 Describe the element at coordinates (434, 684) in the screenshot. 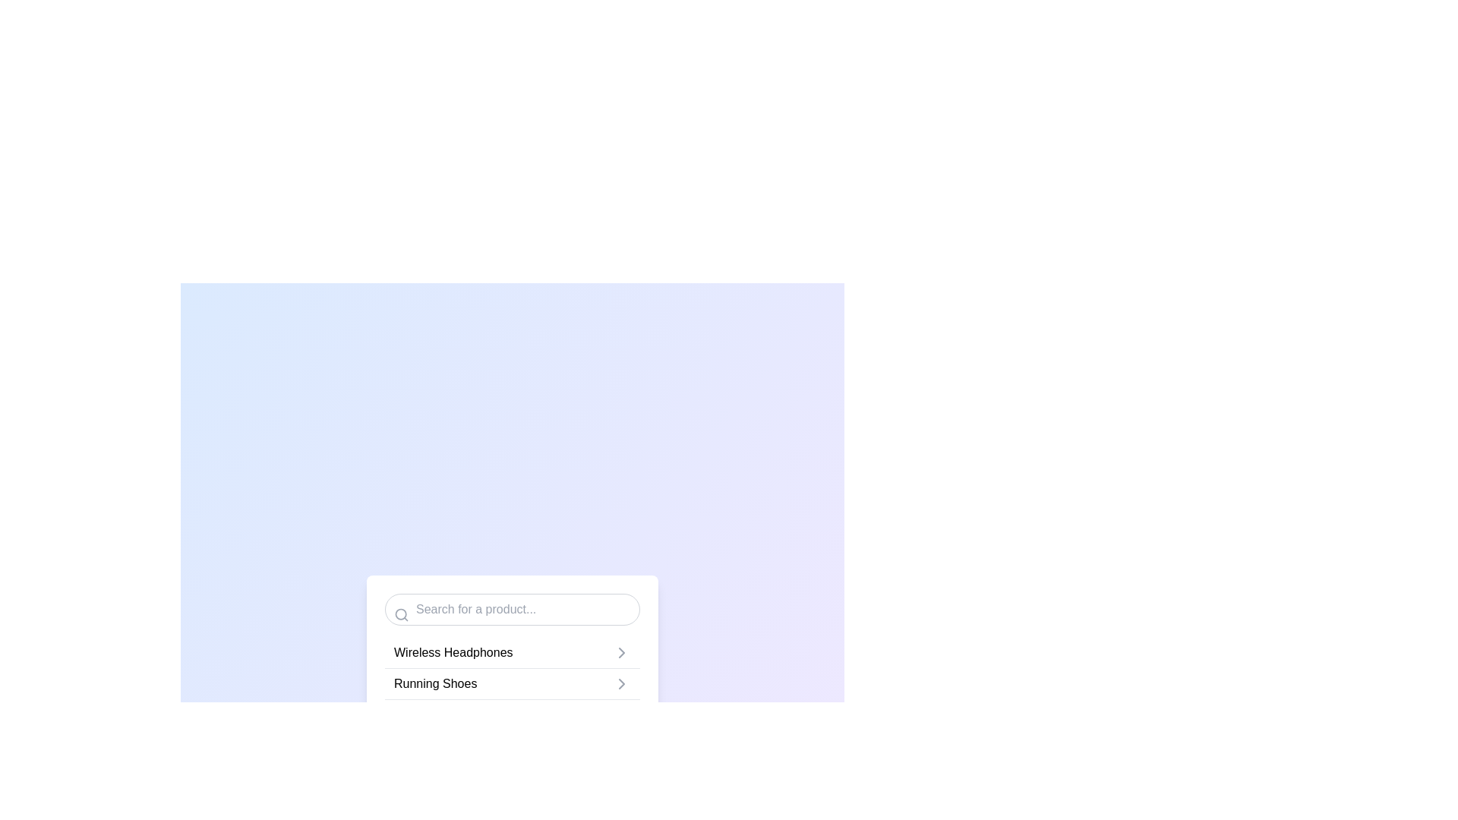

I see `the 'Running Shoes' text label` at that location.